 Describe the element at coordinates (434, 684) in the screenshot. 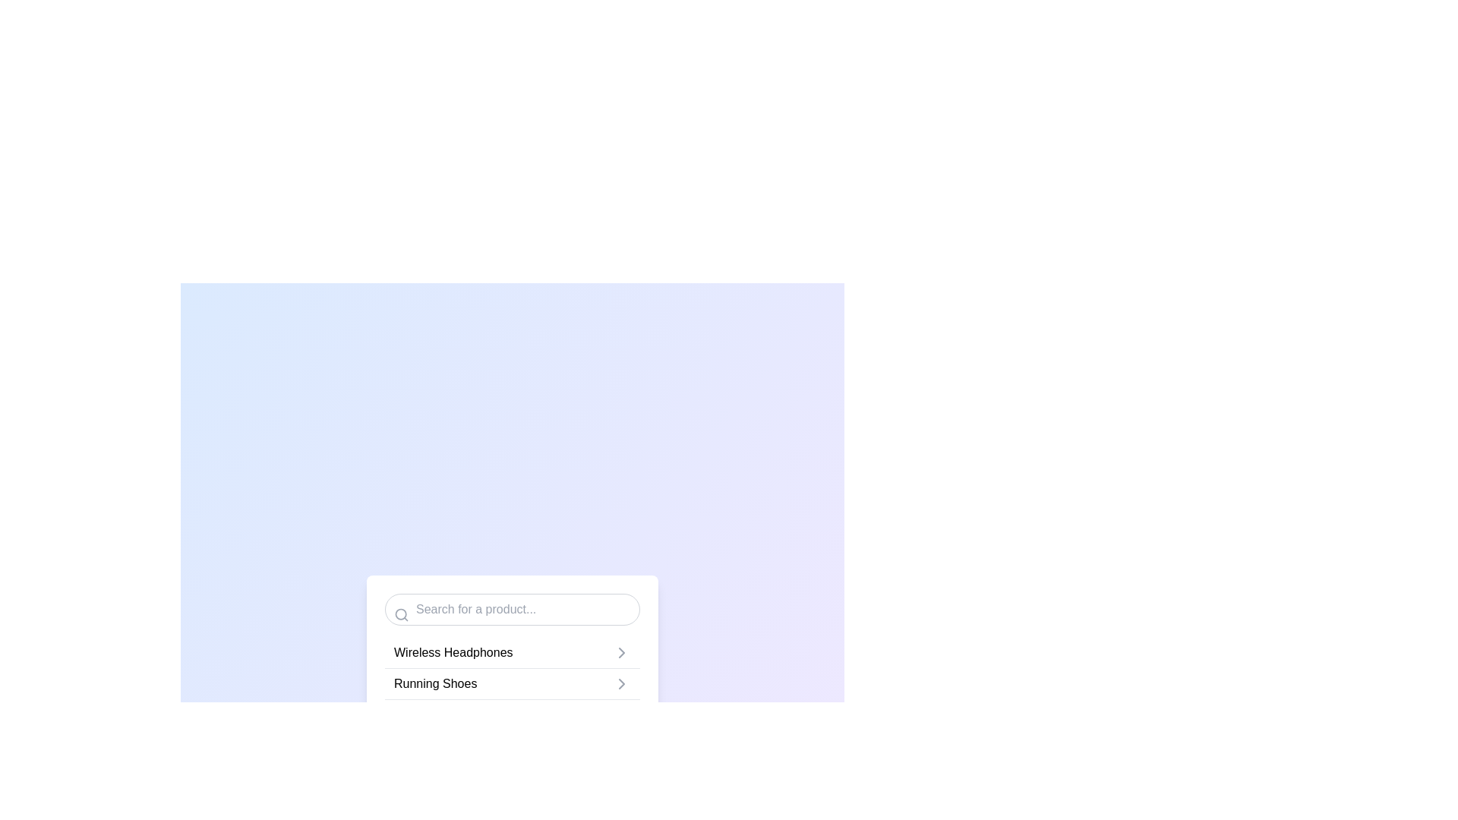

I see `the 'Running Shoes' text label` at that location.